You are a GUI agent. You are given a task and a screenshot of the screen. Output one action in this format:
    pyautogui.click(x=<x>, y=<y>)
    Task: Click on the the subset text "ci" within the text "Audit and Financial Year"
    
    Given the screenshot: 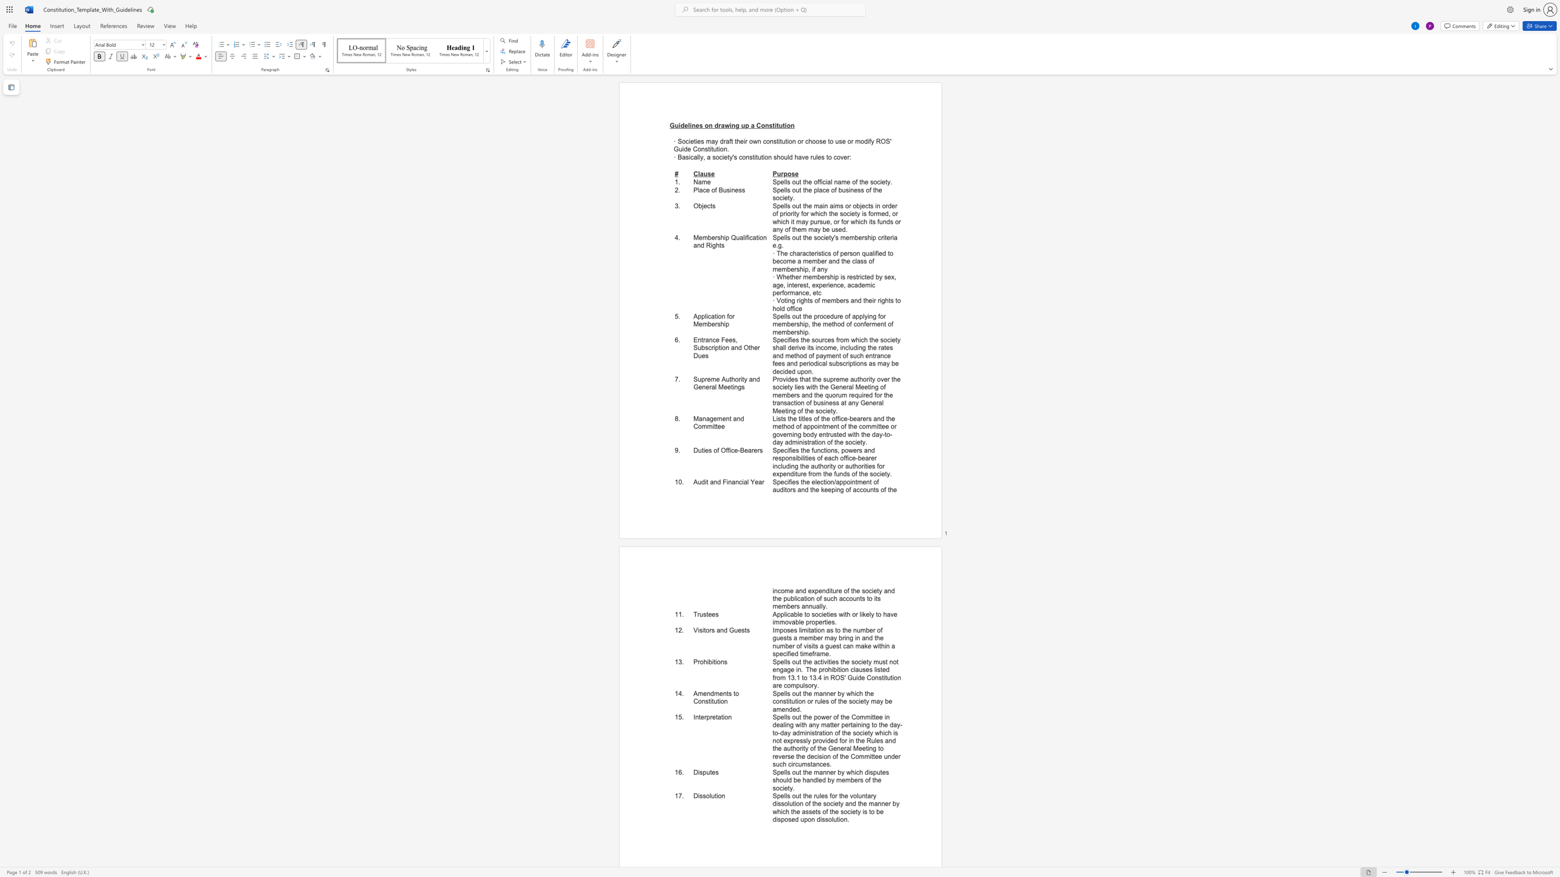 What is the action you would take?
    pyautogui.click(x=739, y=482)
    